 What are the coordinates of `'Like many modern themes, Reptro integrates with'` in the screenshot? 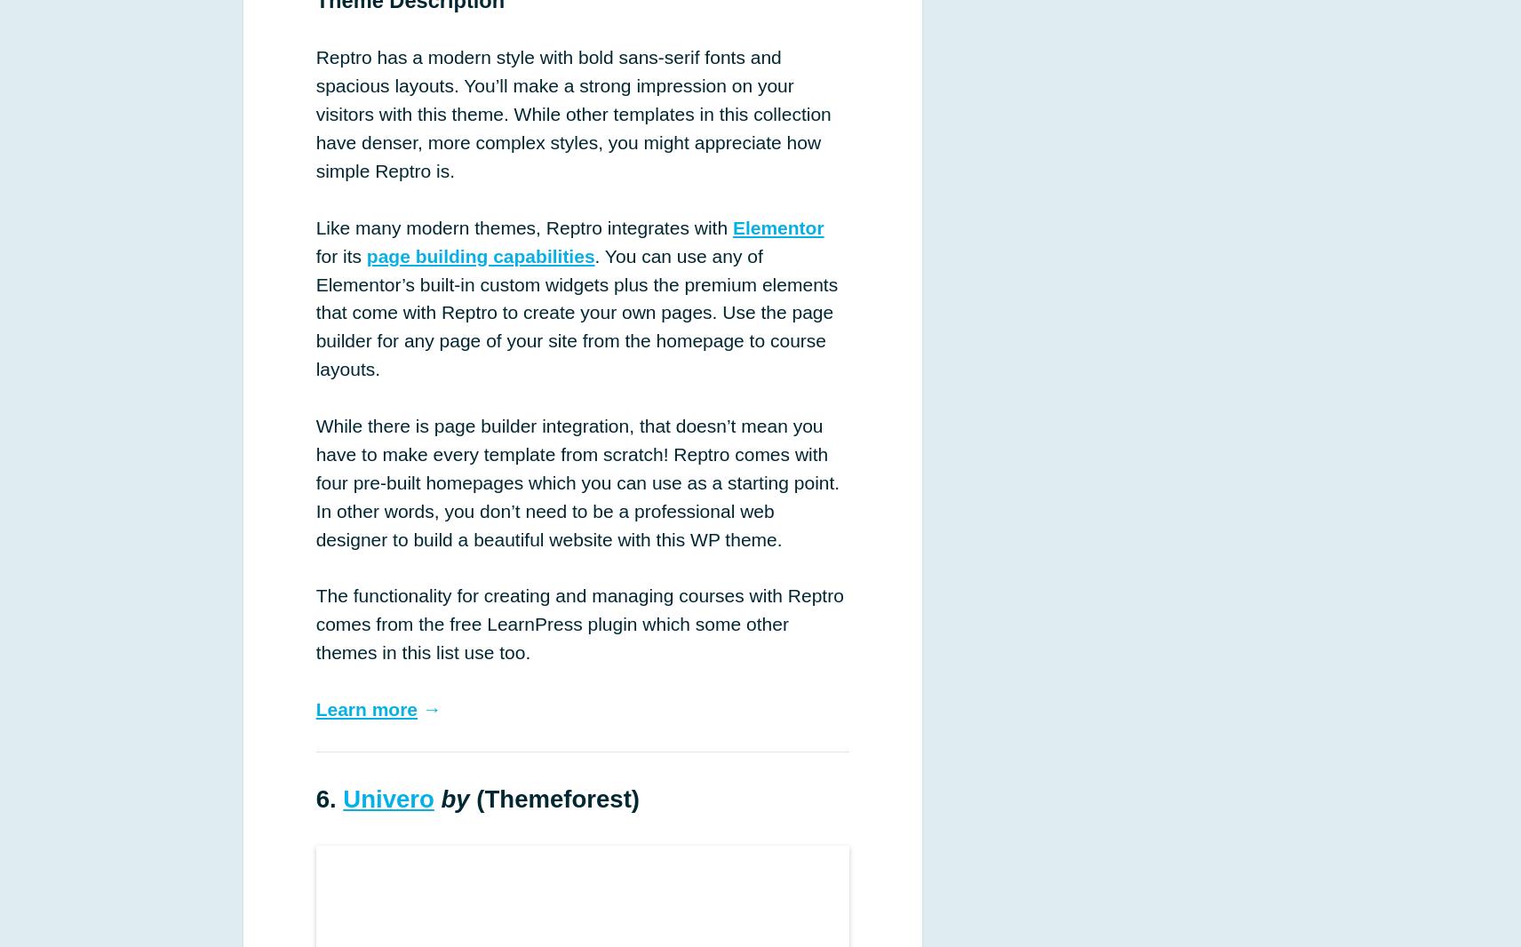 It's located at (522, 226).